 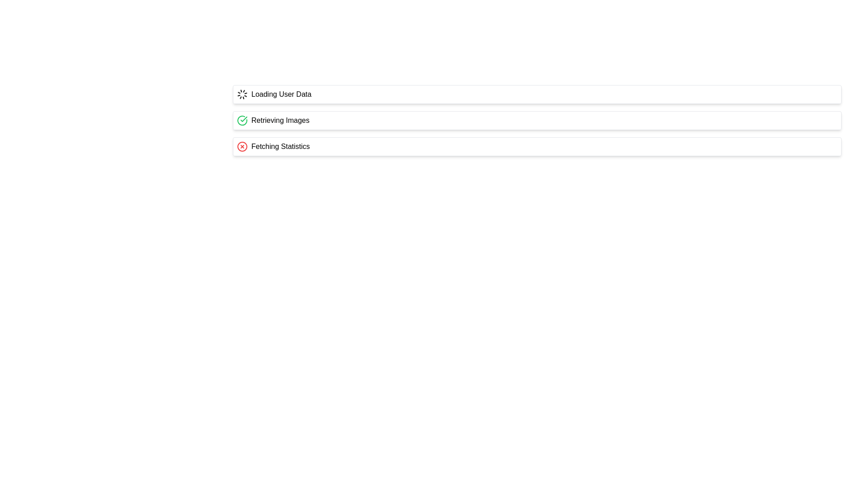 What do you see at coordinates (273, 146) in the screenshot?
I see `the static informational text element displaying 'Fetching Statistics' with a red error icon` at bounding box center [273, 146].